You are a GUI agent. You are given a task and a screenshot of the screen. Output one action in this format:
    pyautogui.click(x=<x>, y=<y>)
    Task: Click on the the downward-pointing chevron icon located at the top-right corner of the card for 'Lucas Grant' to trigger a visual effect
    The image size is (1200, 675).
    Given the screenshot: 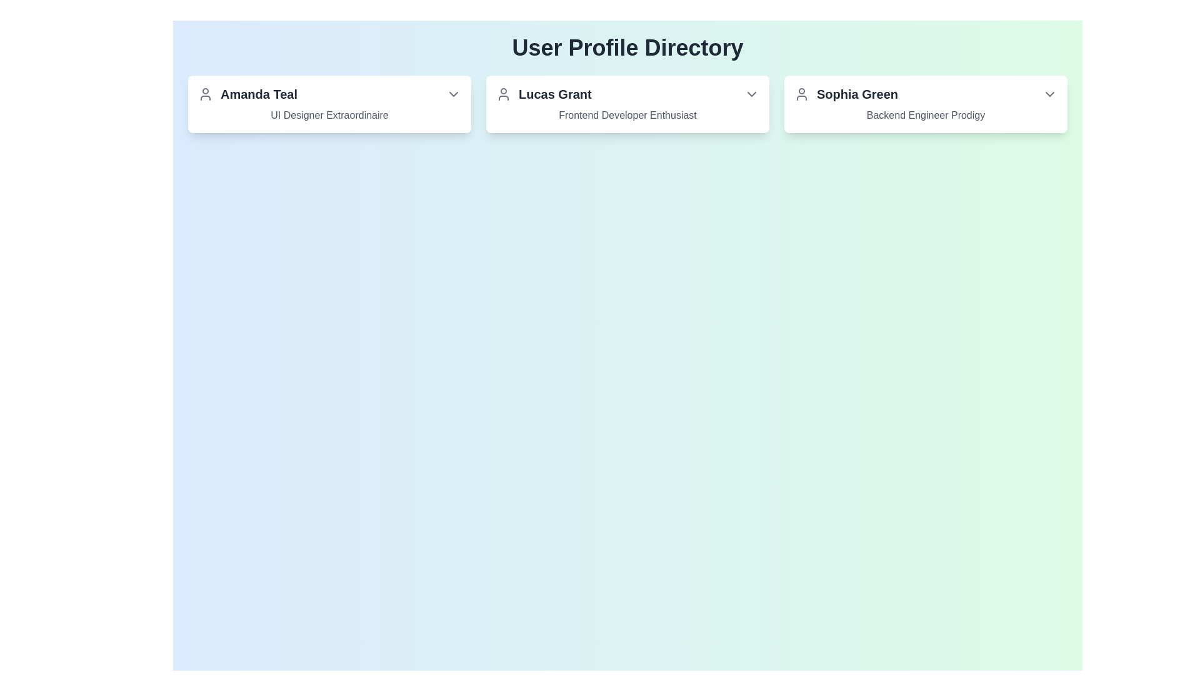 What is the action you would take?
    pyautogui.click(x=751, y=93)
    